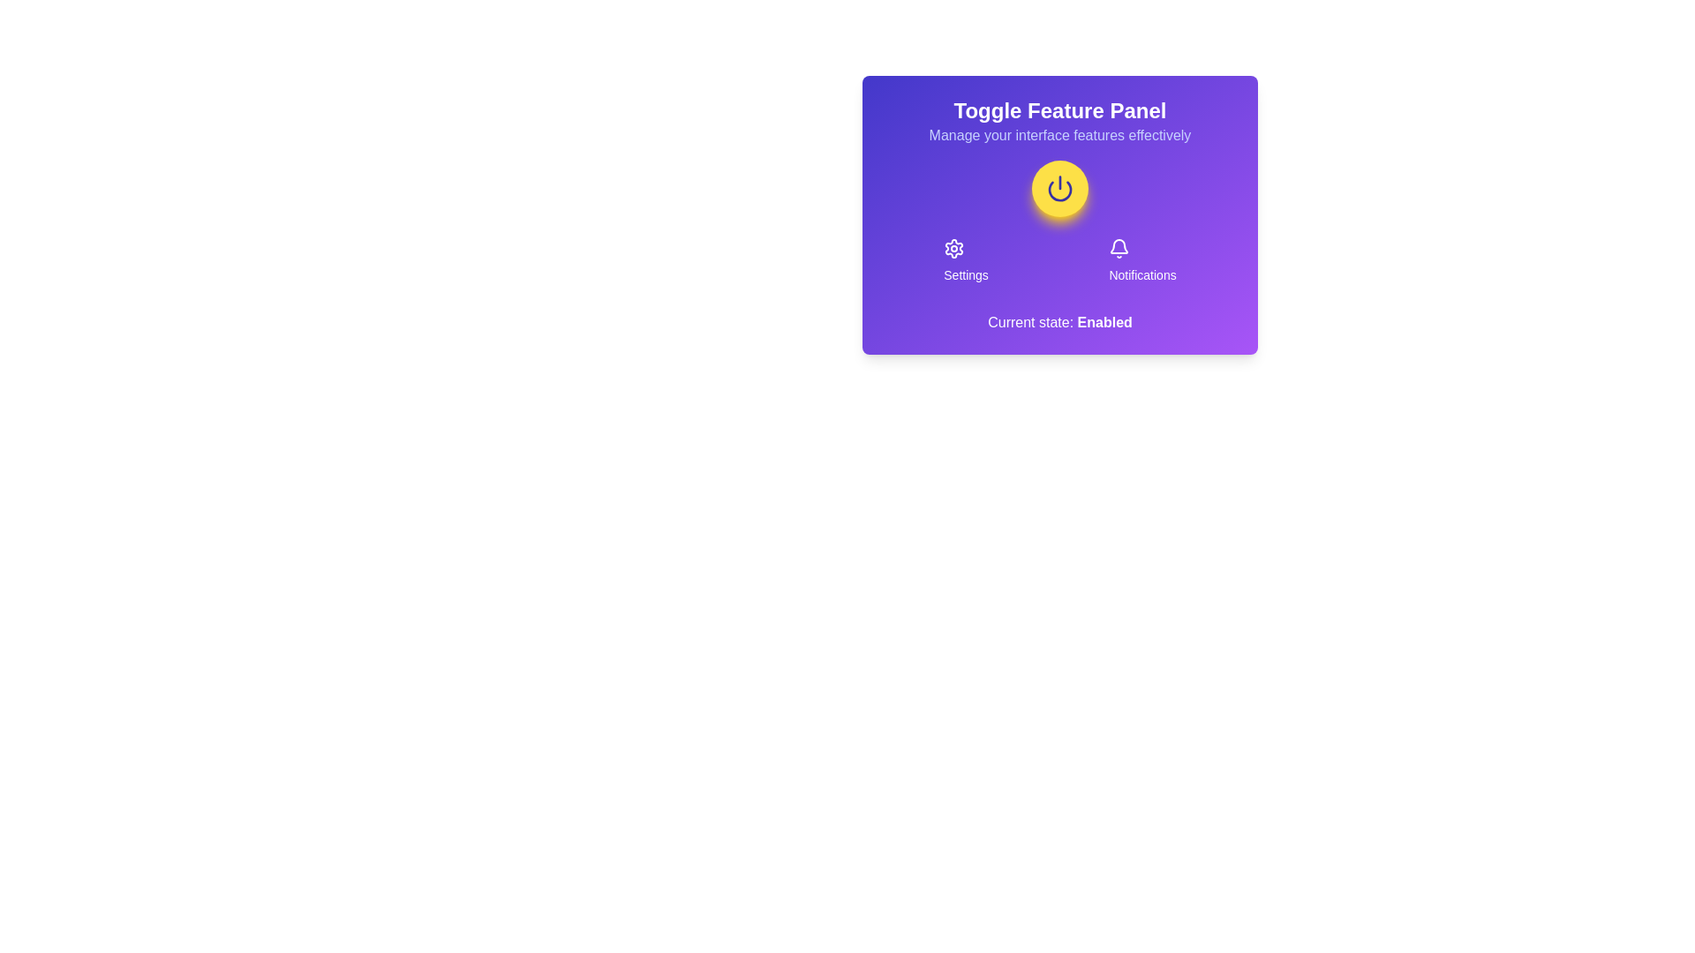  Describe the element at coordinates (965, 275) in the screenshot. I see `the 'Settings' text label with white font on a purple background, positioned below a gear icon` at that location.